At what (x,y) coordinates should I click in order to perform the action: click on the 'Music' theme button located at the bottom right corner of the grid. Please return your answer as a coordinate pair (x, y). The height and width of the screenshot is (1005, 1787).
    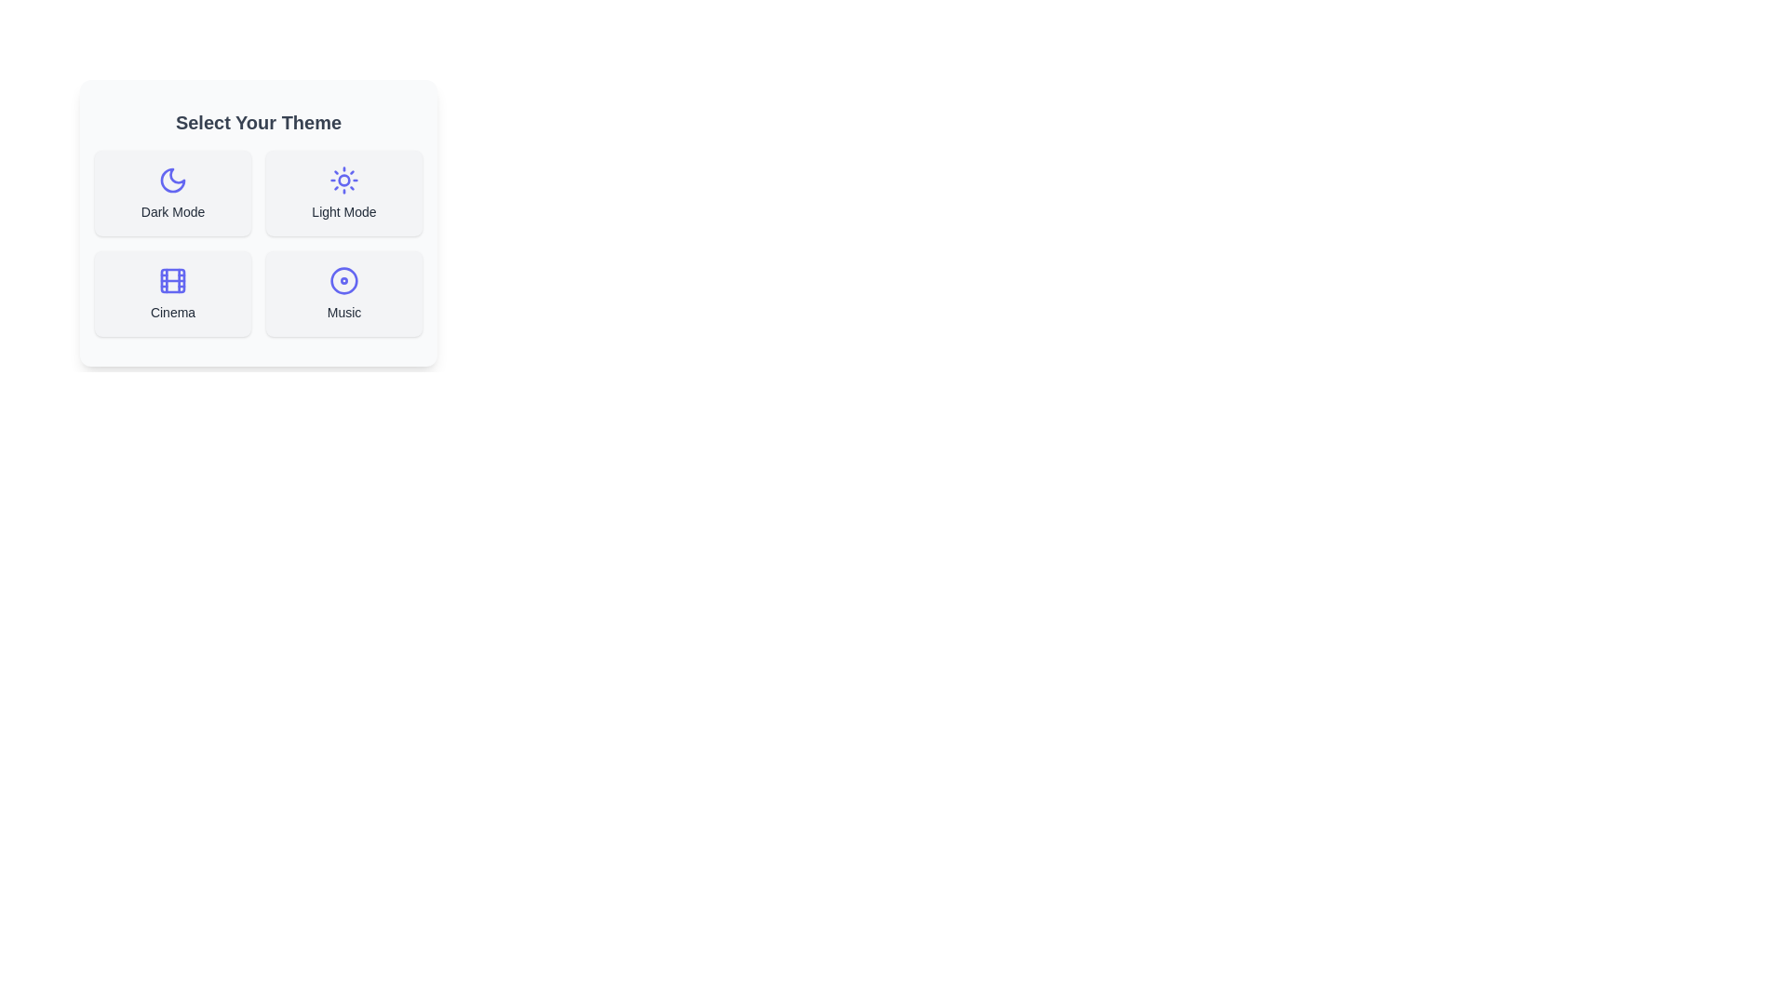
    Looking at the image, I should click on (343, 293).